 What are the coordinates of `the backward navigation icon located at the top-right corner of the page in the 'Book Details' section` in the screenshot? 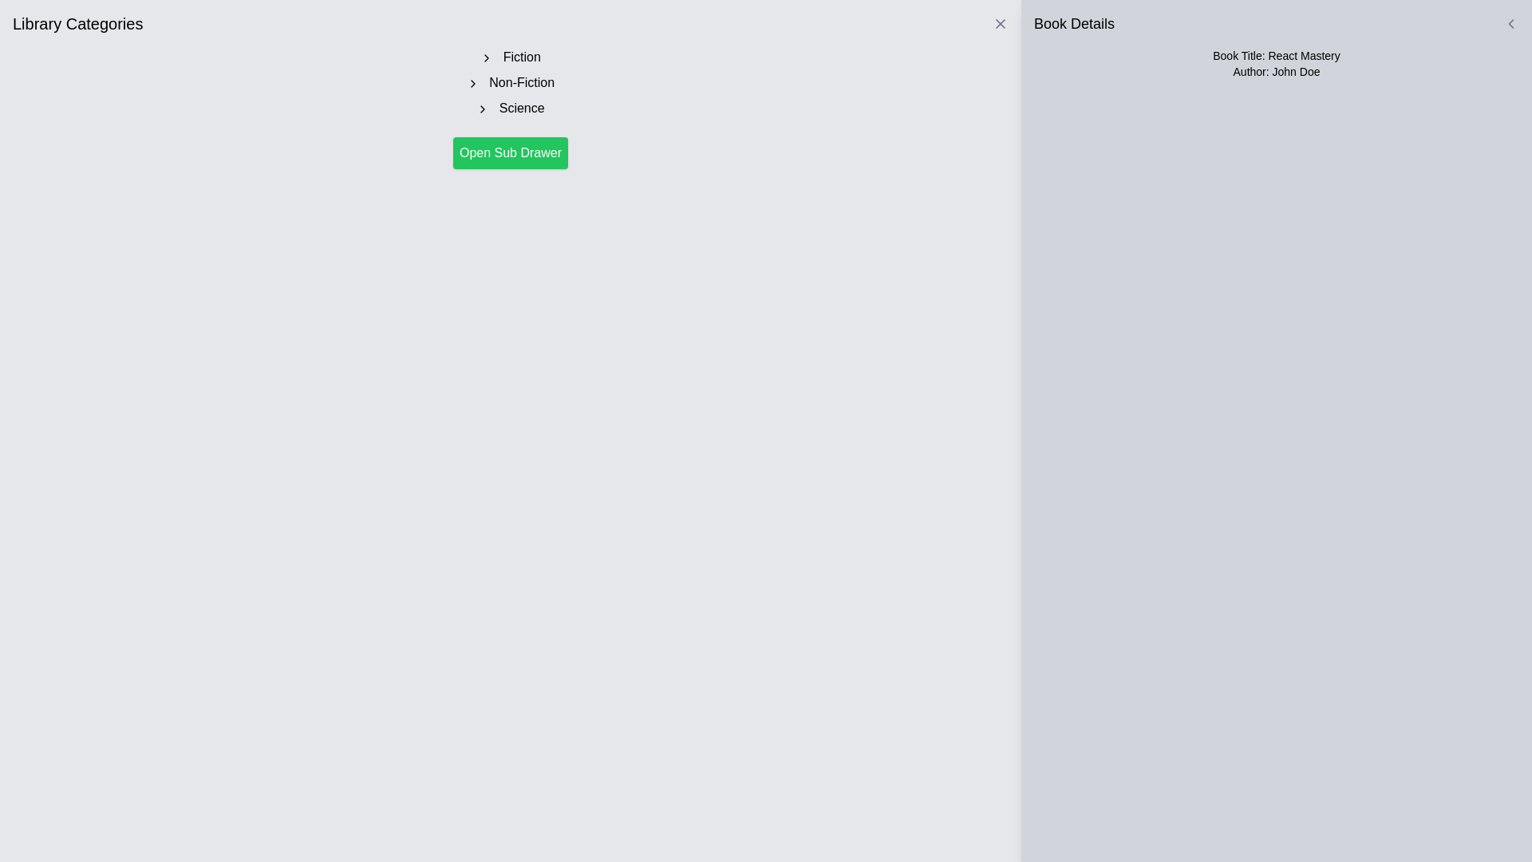 It's located at (1510, 24).